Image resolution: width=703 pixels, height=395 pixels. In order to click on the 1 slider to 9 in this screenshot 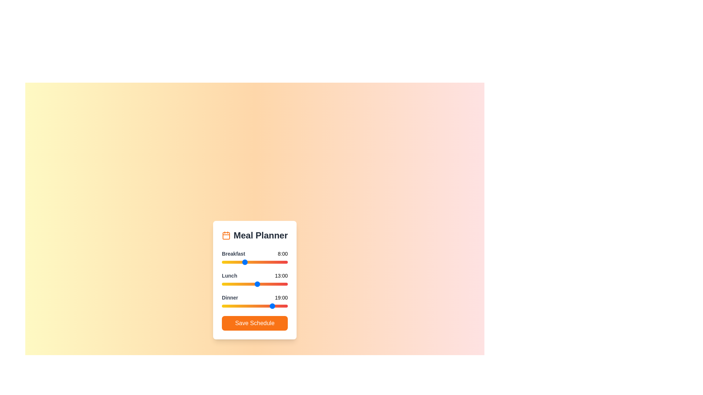, I will do `click(246, 283)`.